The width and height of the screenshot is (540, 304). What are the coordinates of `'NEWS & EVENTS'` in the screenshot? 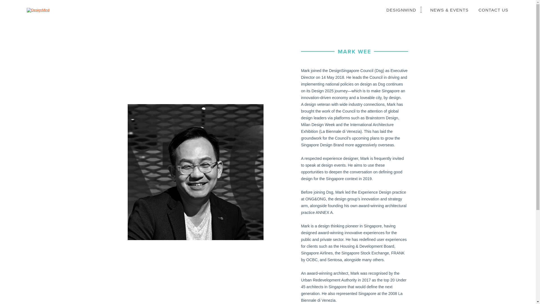 It's located at (449, 10).